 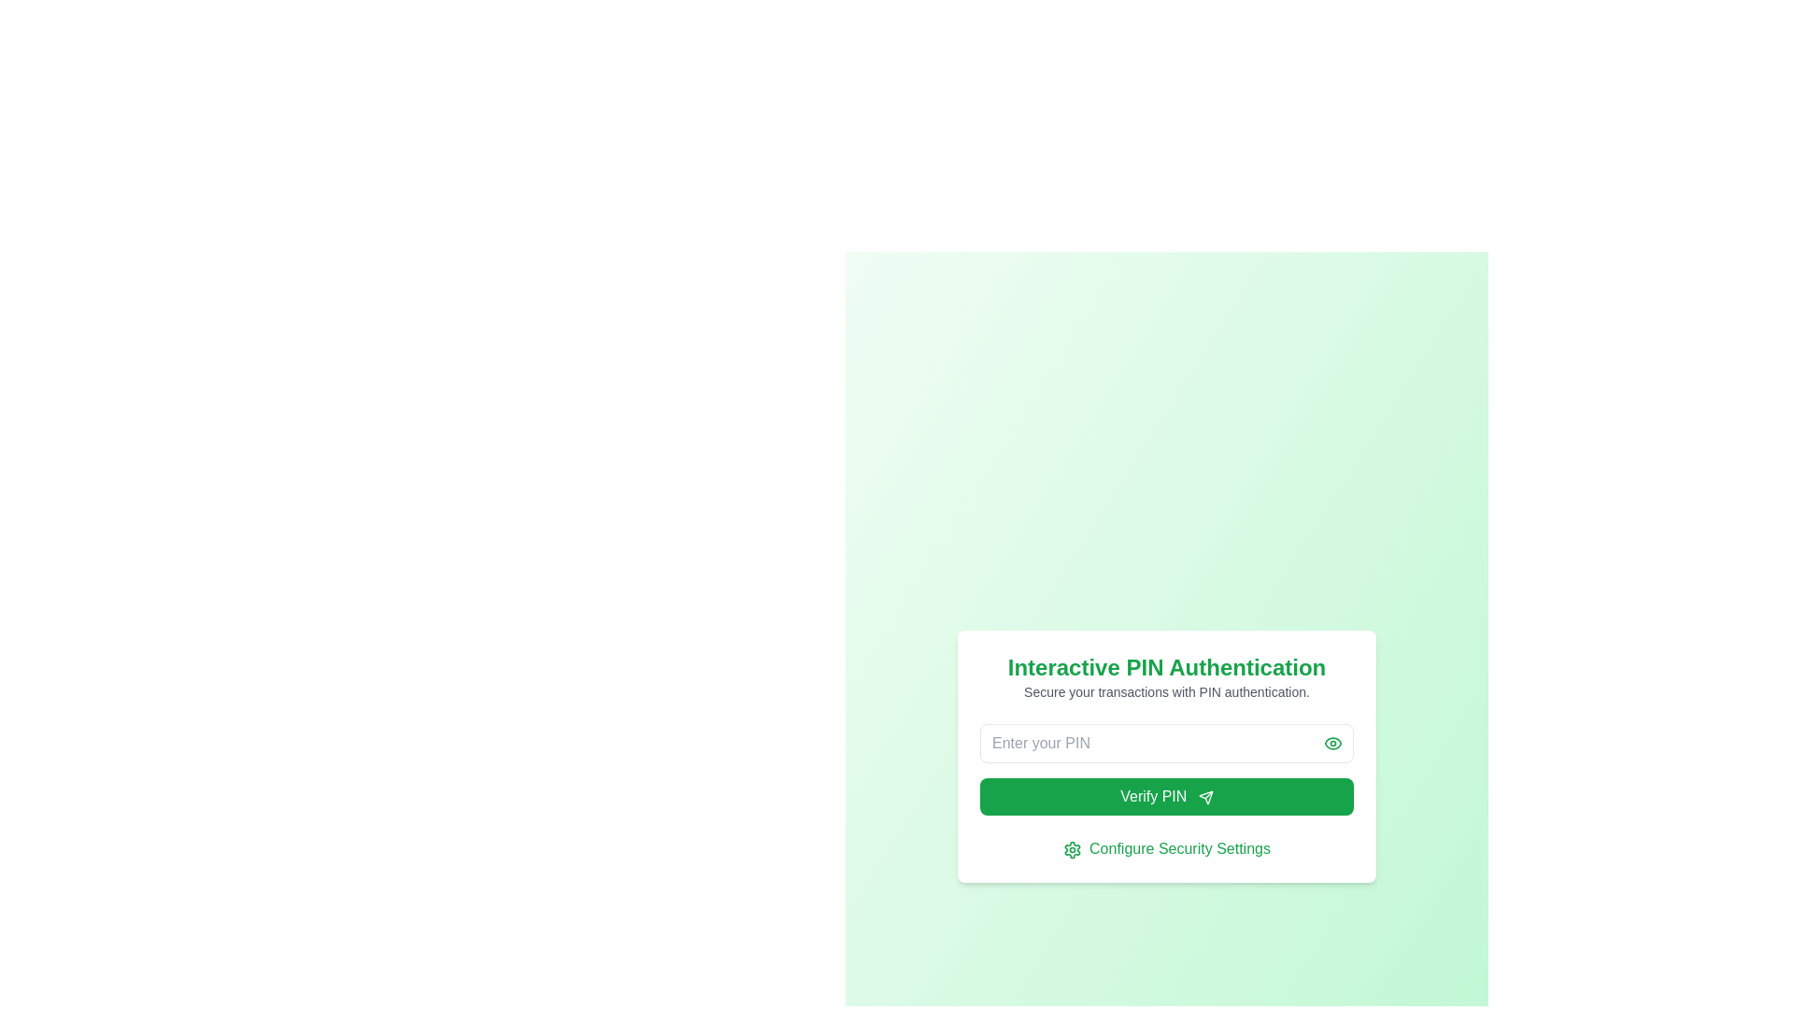 What do you see at coordinates (1072, 849) in the screenshot?
I see `the settings icon located to the left of the text 'Configure Security Settings', which visually represents options for adjustments or modifications` at bounding box center [1072, 849].